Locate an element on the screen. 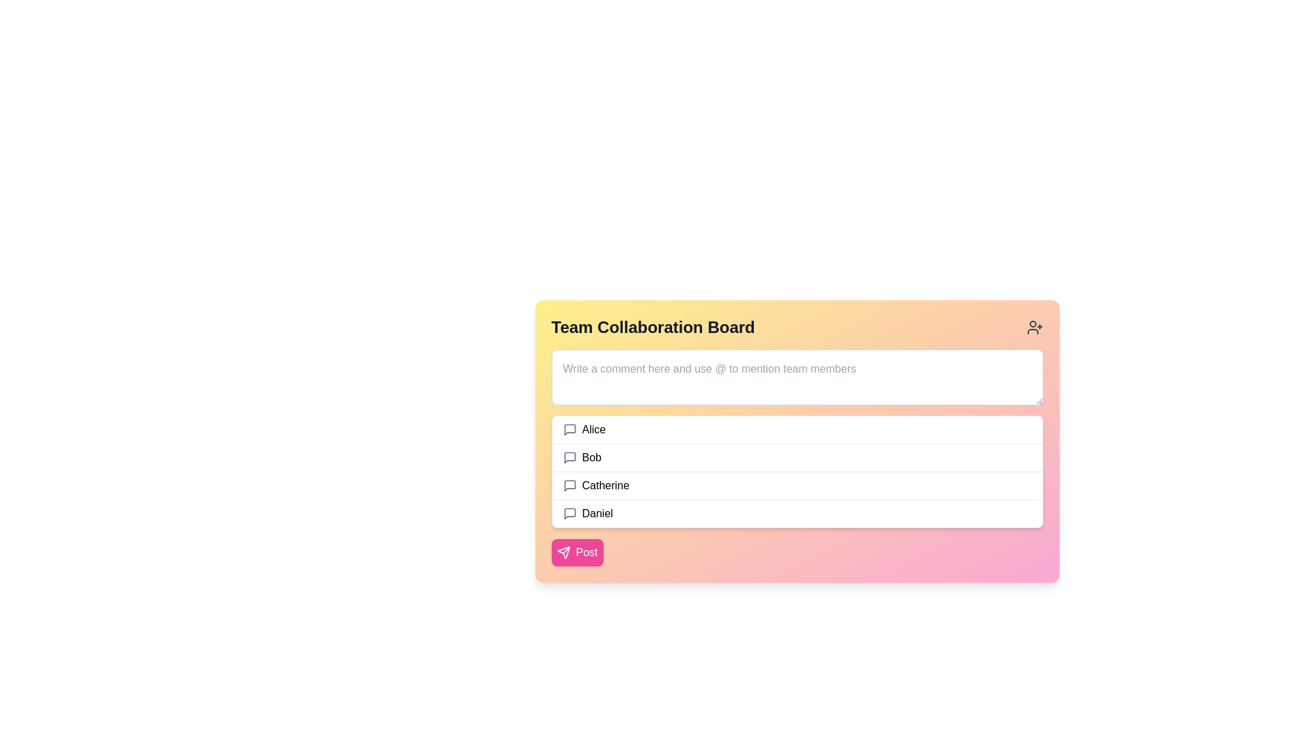 This screenshot has height=737, width=1311. the list item highlighting 'Bob' is located at coordinates (797, 464).